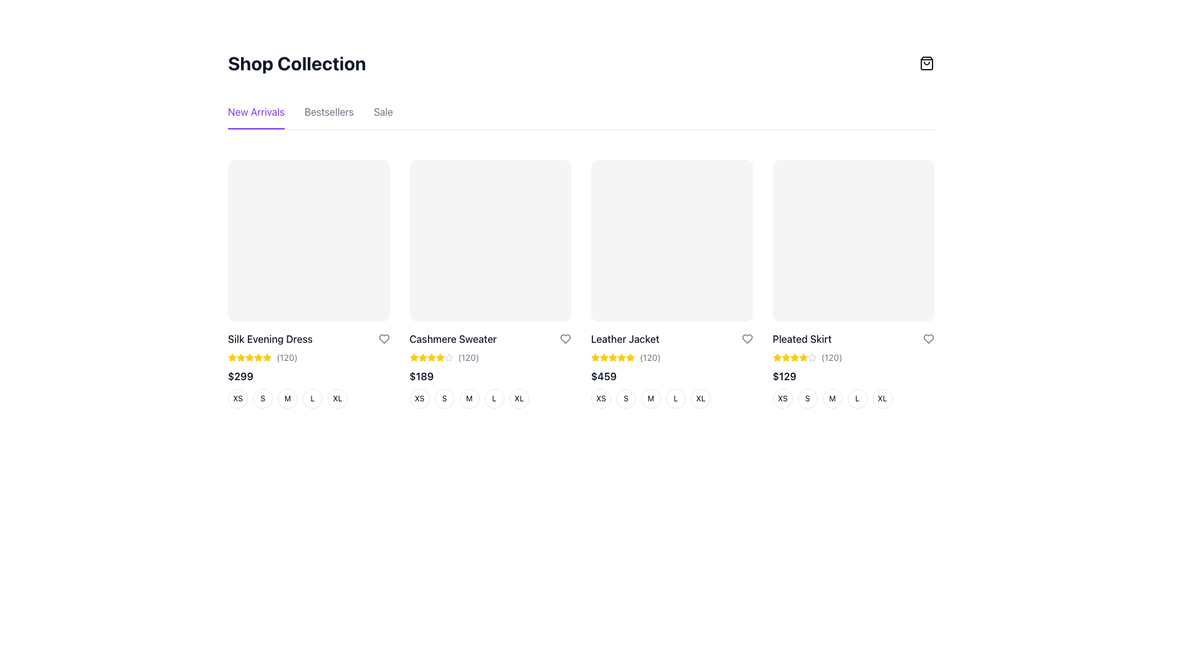 The height and width of the screenshot is (672, 1196). I want to click on the first star icon in the rating set for the 'Silk Evening Dress' product under the 'New Arrivals' category, so click(232, 357).